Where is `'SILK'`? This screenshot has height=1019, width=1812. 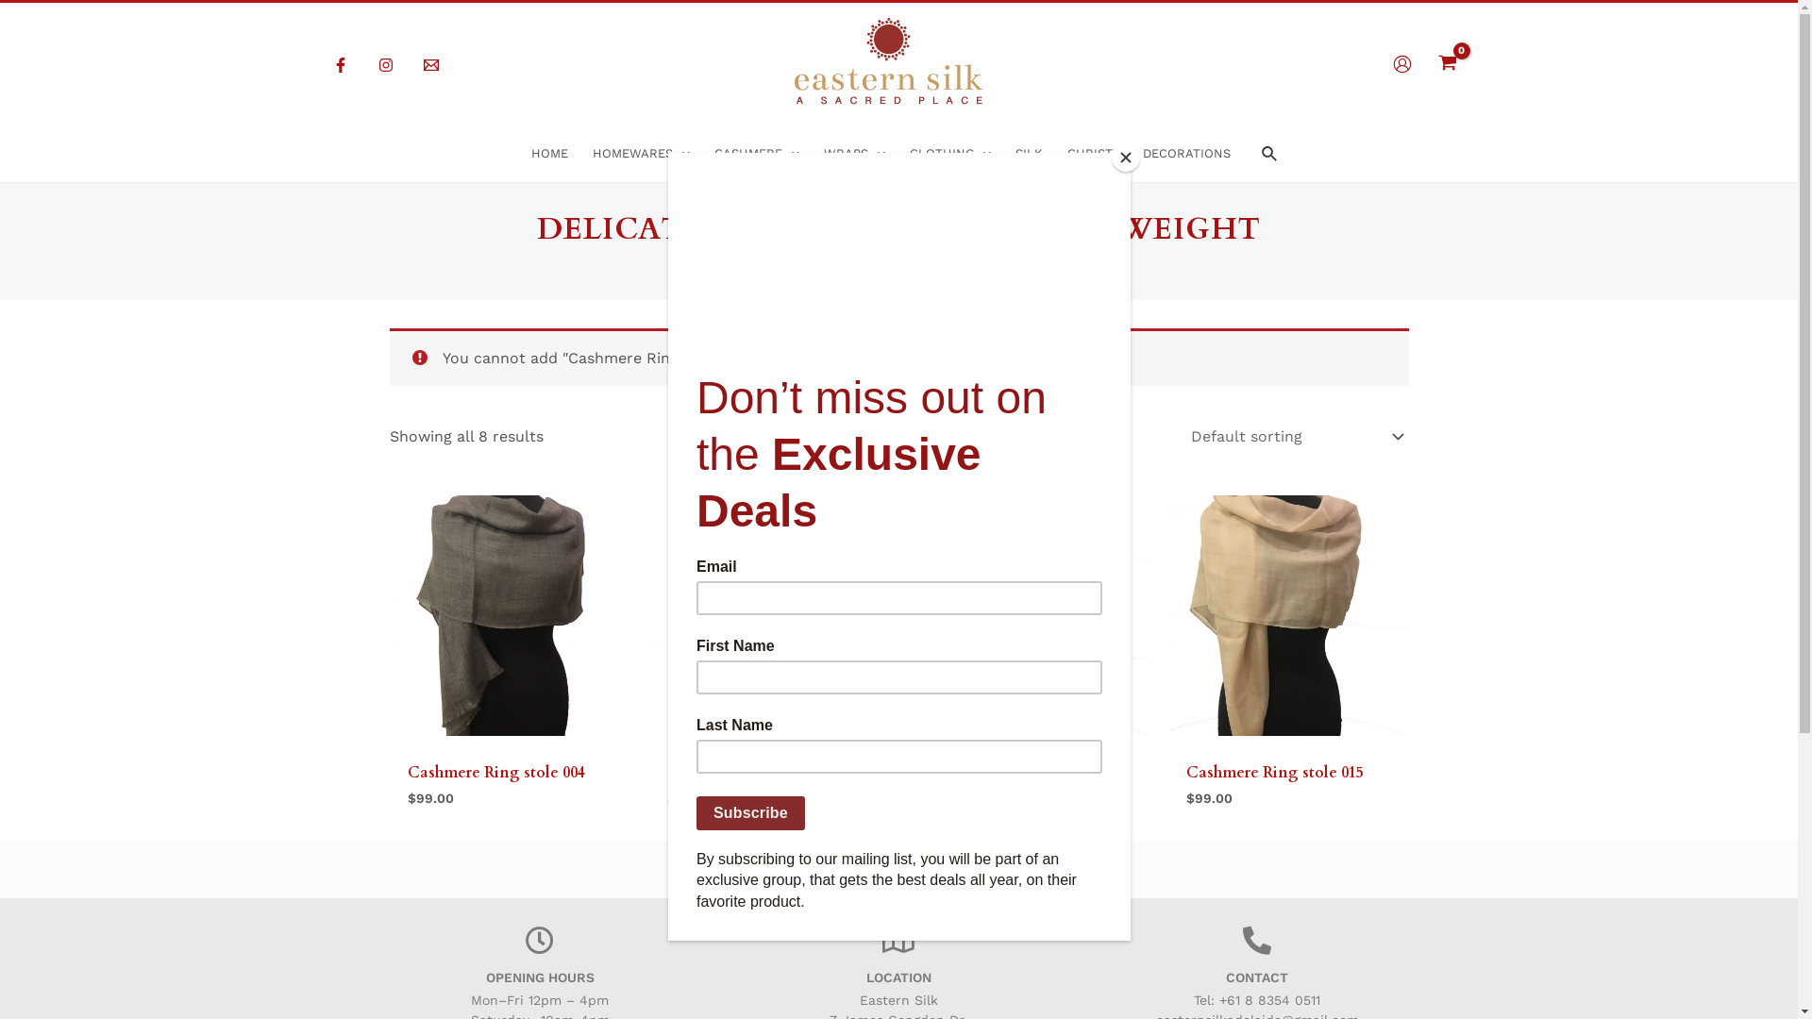 'SILK' is located at coordinates (1027, 152).